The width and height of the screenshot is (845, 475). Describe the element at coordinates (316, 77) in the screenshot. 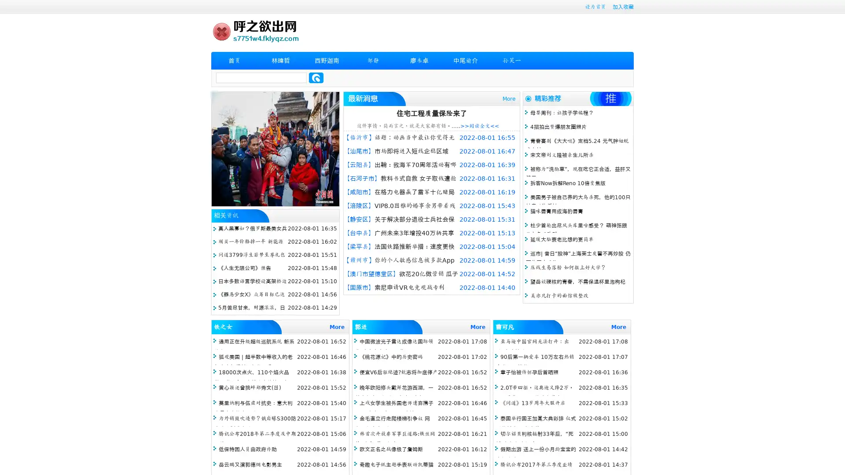

I see `Search` at that location.